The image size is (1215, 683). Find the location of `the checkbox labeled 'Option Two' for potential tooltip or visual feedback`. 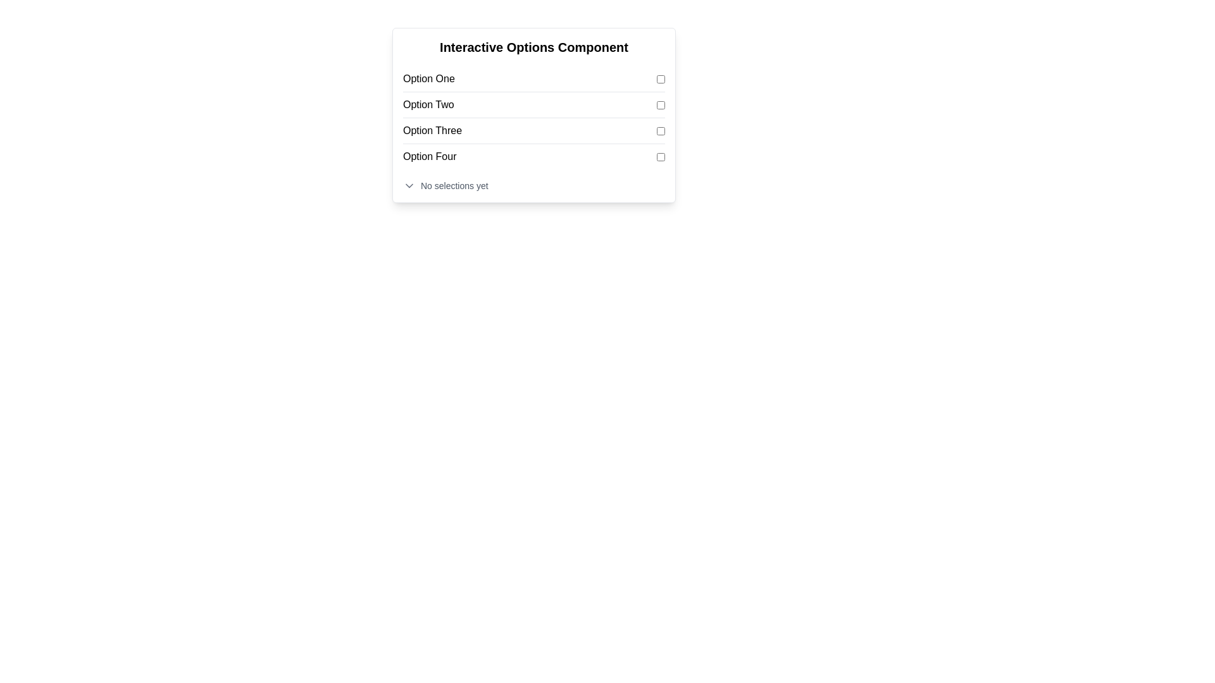

the checkbox labeled 'Option Two' for potential tooltip or visual feedback is located at coordinates (534, 115).